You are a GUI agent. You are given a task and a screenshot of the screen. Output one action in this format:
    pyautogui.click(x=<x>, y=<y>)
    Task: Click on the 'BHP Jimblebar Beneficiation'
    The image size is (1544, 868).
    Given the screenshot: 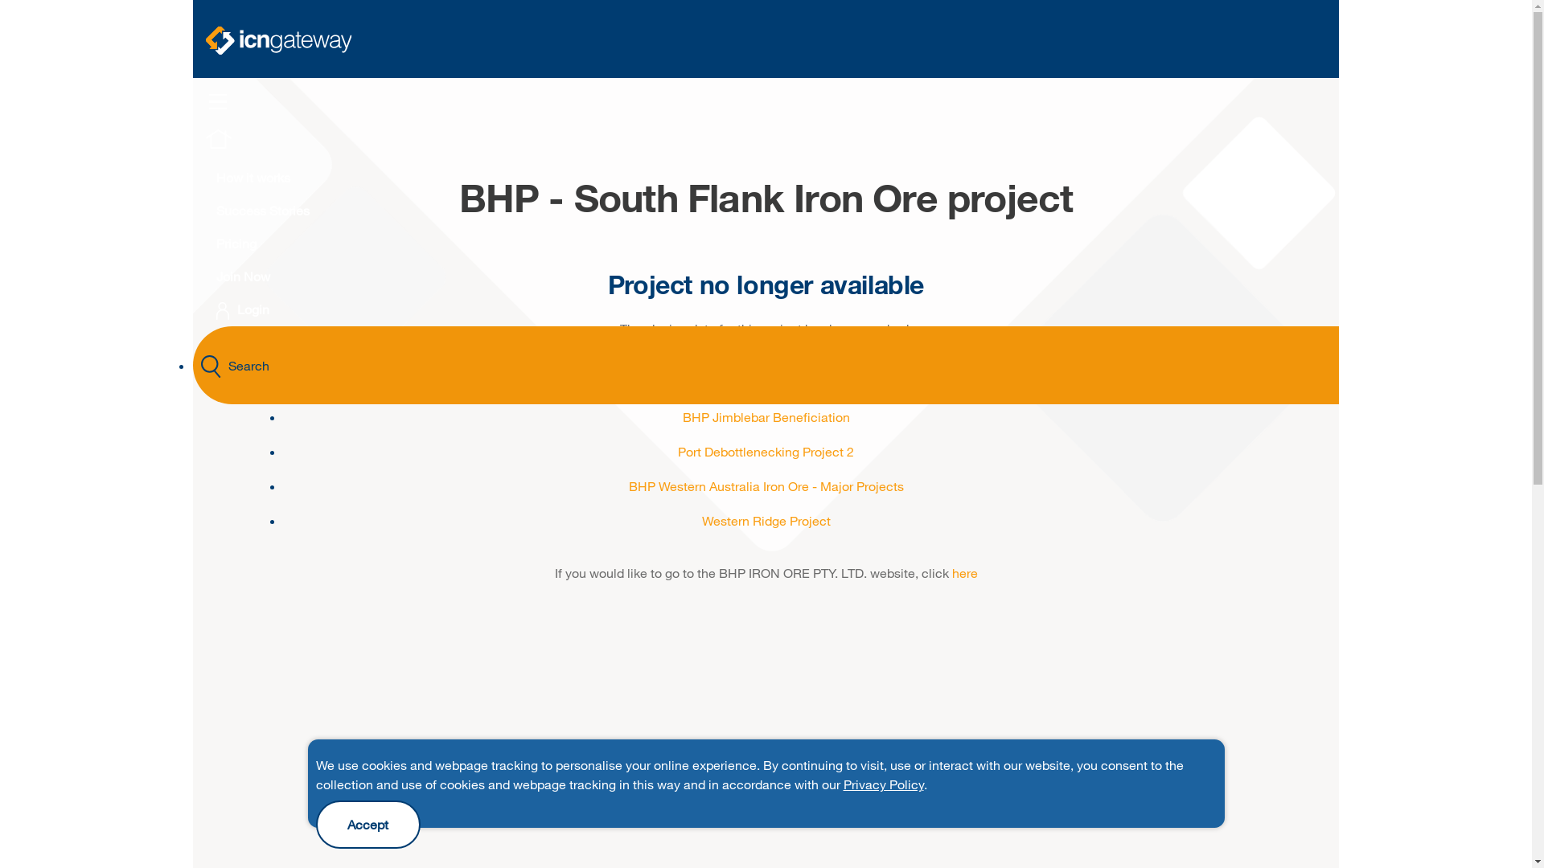 What is the action you would take?
    pyautogui.click(x=764, y=416)
    